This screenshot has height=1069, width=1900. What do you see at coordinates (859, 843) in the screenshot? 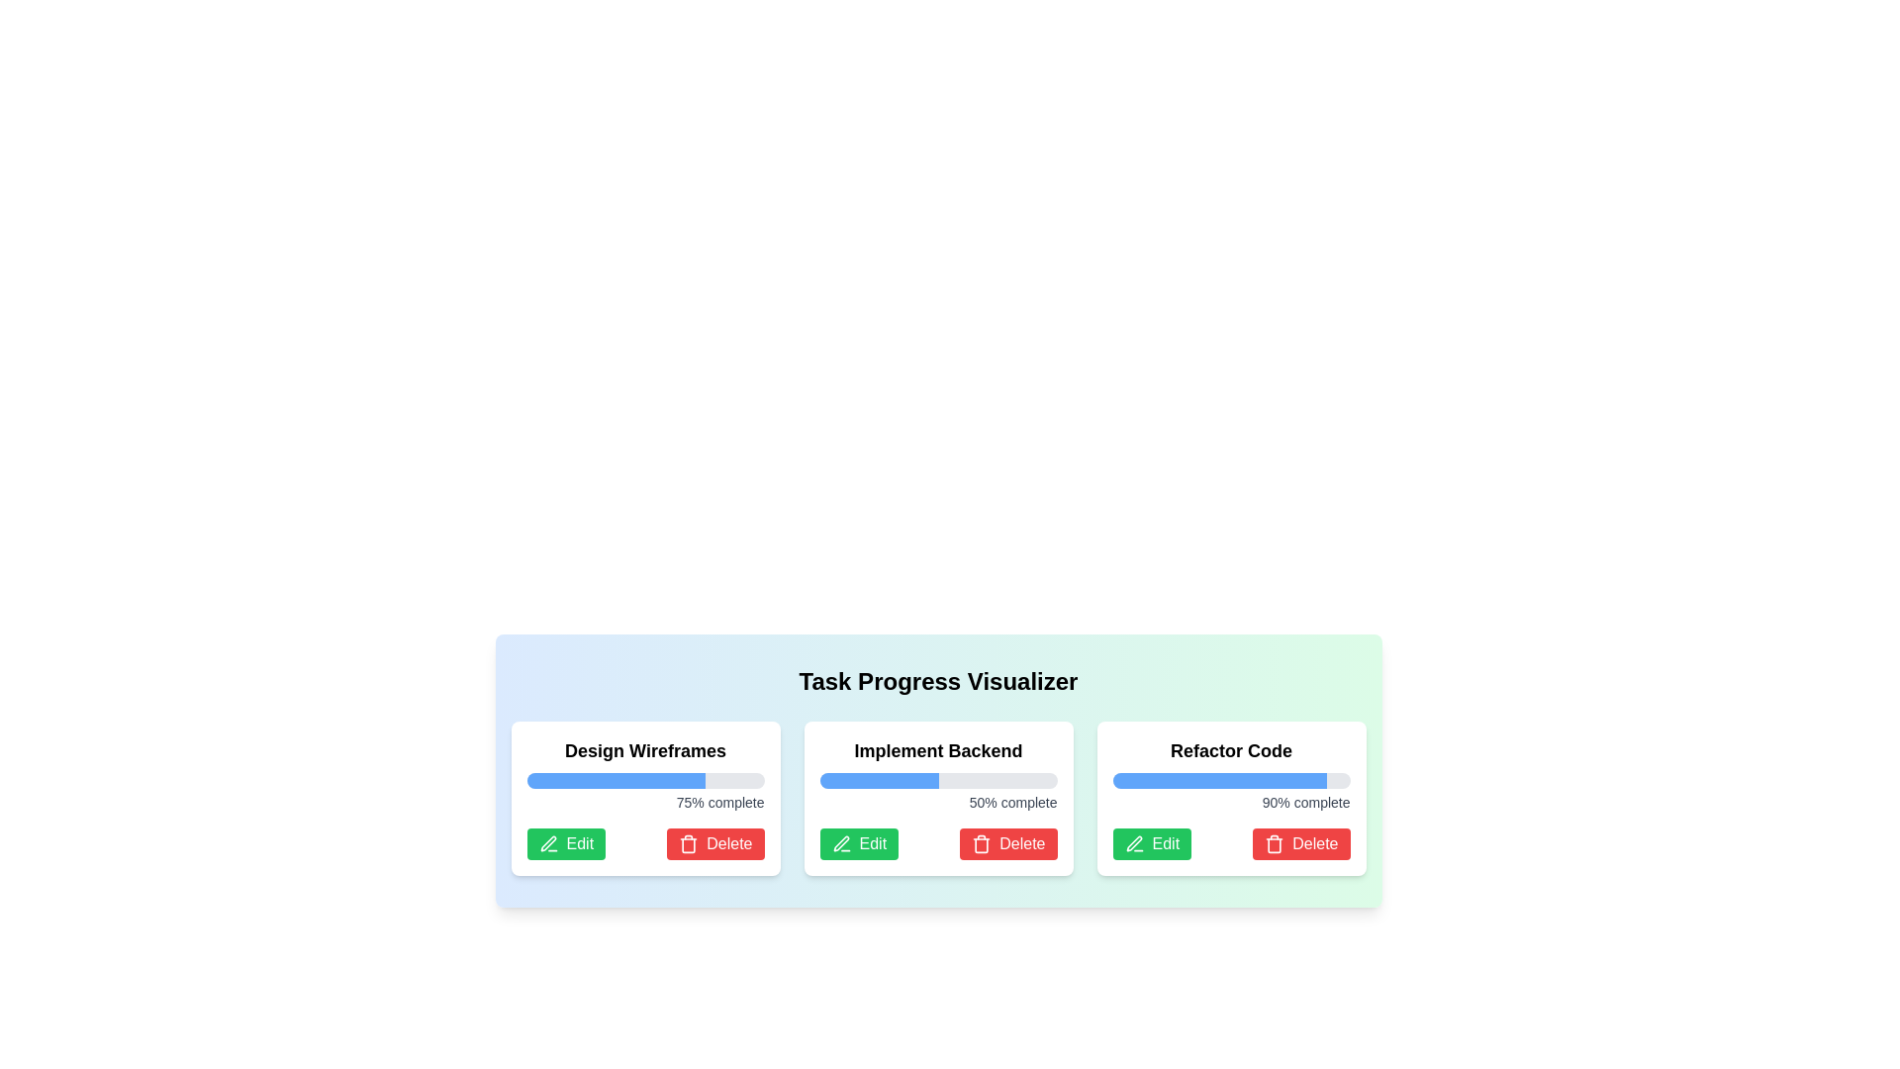
I see `the edit button located at the bottom-left corner of the middle task card associated with the task labeled 'Implement Backend' to activate its hover styling effect` at bounding box center [859, 843].